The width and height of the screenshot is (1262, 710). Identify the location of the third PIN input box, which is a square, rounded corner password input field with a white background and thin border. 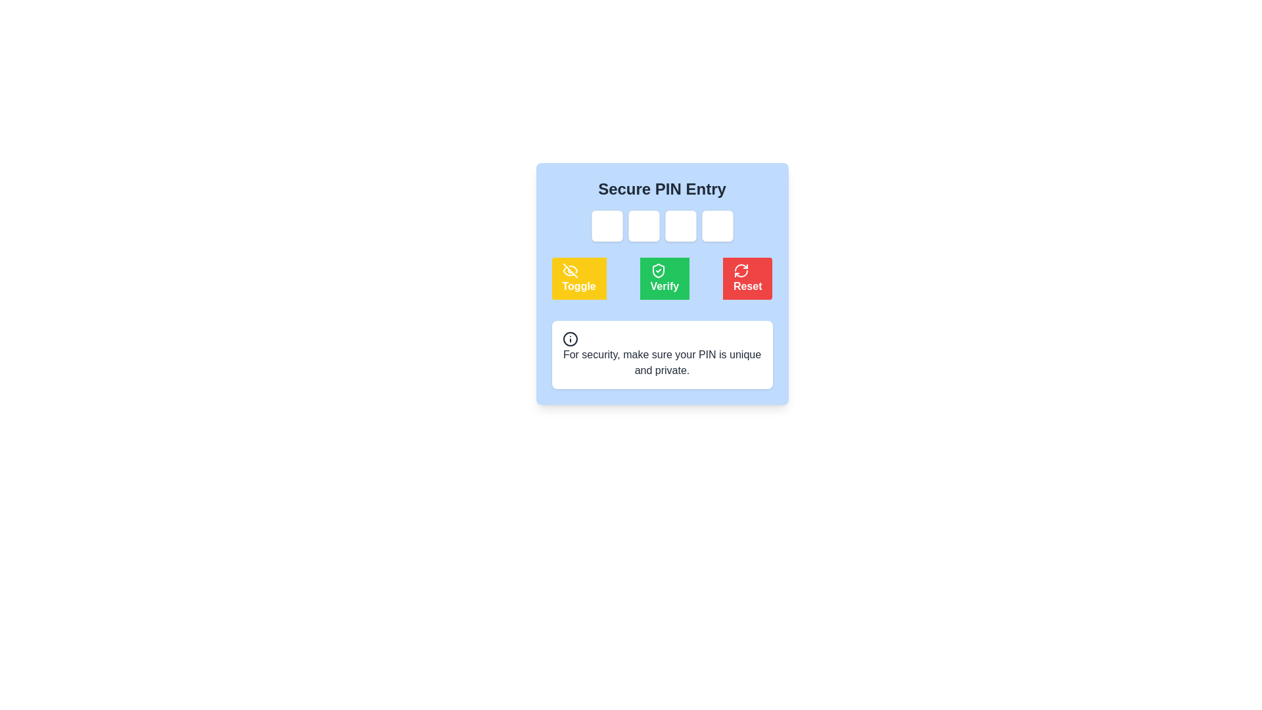
(680, 225).